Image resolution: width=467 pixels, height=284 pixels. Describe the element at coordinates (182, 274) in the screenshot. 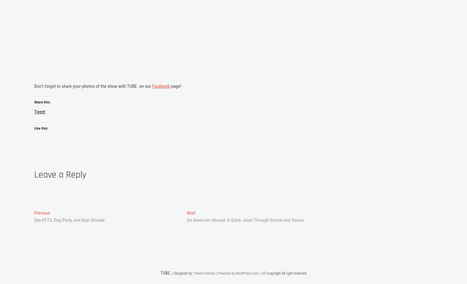

I see `'| 
									Designed by:'` at that location.